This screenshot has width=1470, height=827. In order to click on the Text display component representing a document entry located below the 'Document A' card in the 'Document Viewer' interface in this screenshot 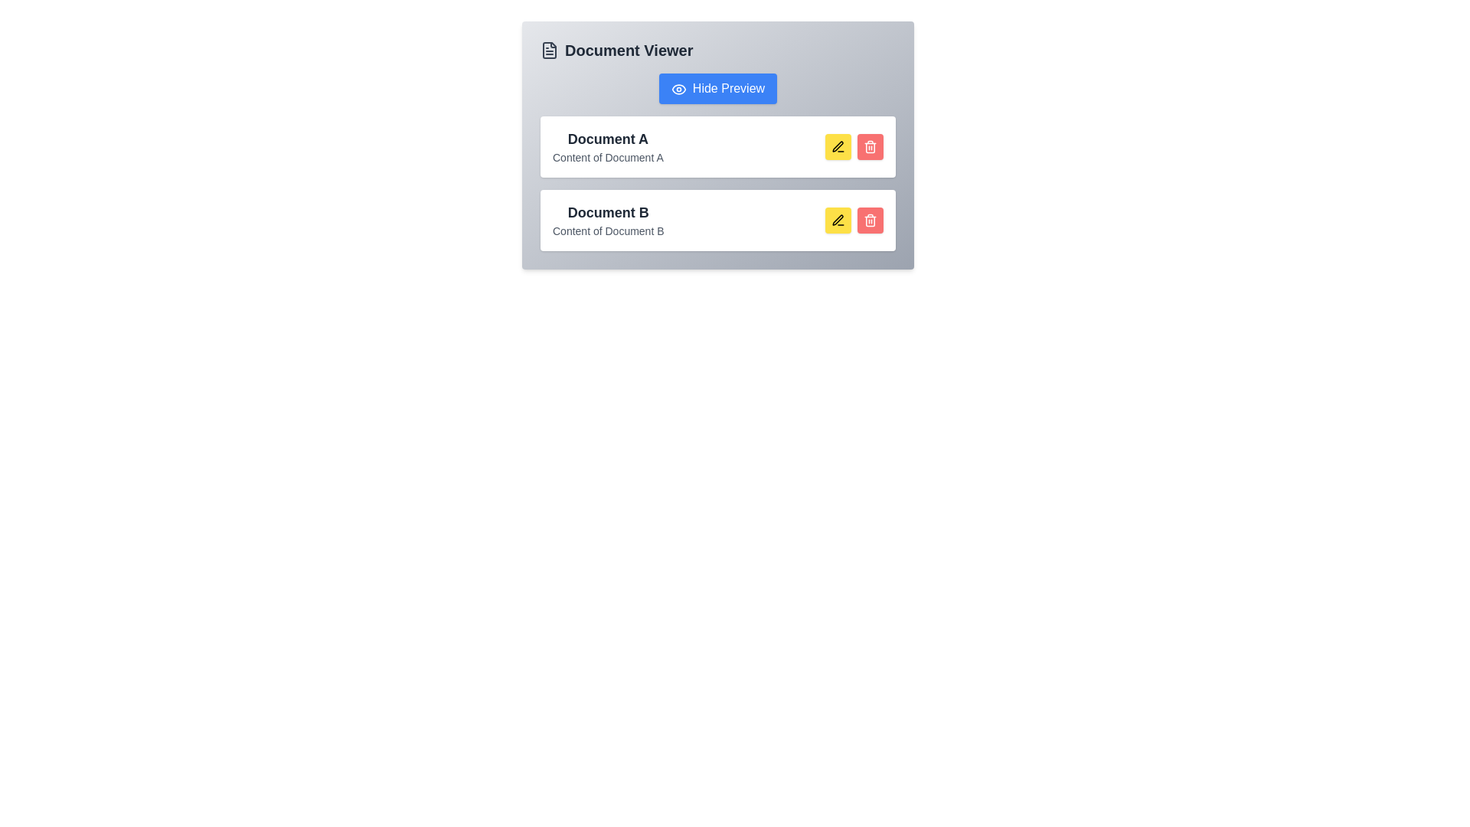, I will do `click(607, 221)`.